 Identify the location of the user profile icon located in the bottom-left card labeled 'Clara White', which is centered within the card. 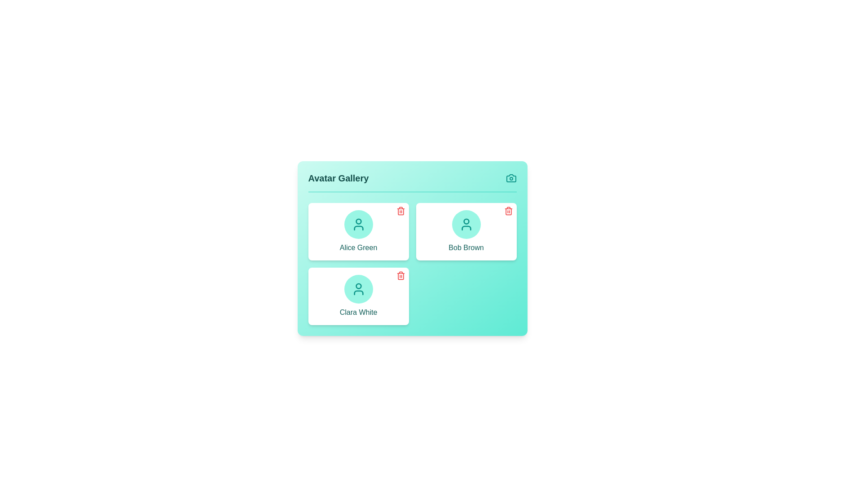
(358, 289).